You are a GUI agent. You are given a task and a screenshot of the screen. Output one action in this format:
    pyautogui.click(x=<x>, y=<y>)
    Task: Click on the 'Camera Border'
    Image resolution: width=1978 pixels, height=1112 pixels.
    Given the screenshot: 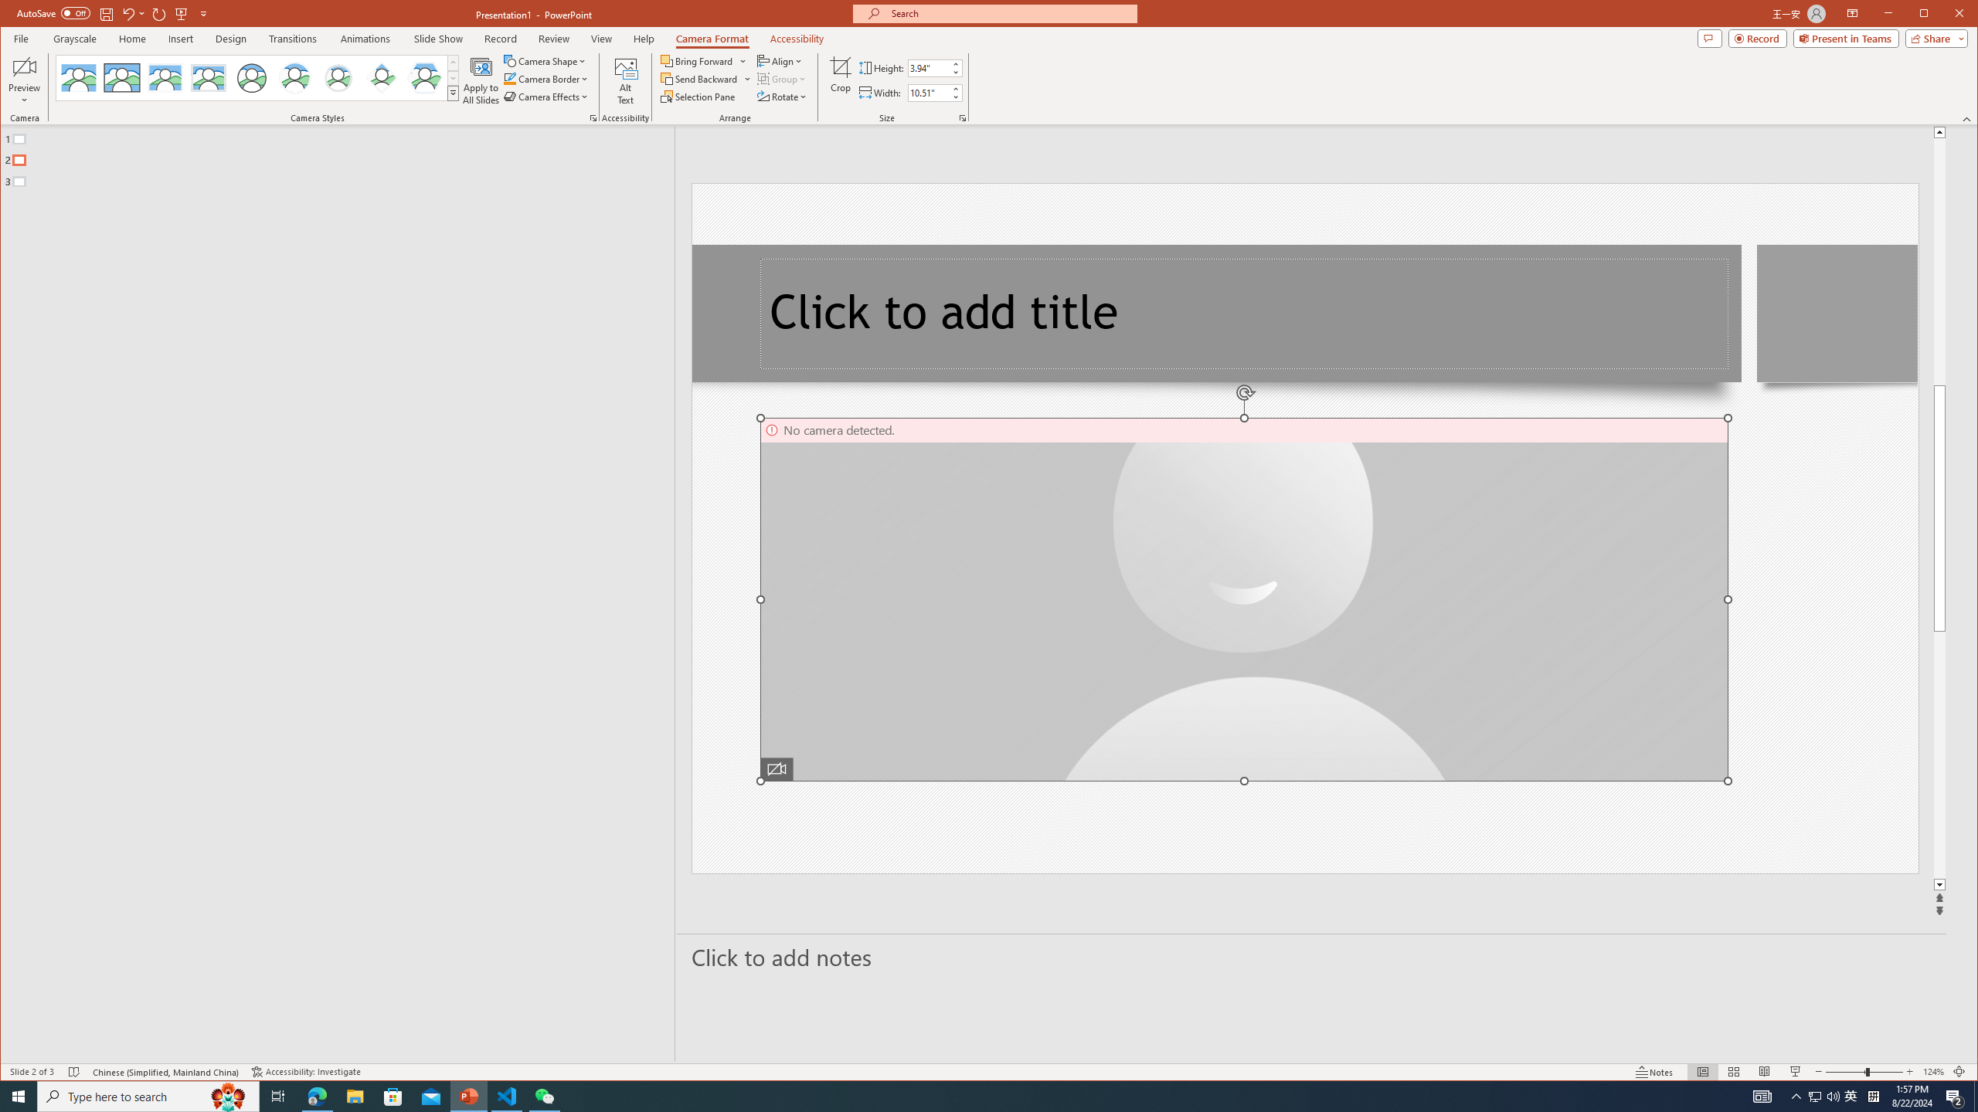 What is the action you would take?
    pyautogui.click(x=545, y=79)
    